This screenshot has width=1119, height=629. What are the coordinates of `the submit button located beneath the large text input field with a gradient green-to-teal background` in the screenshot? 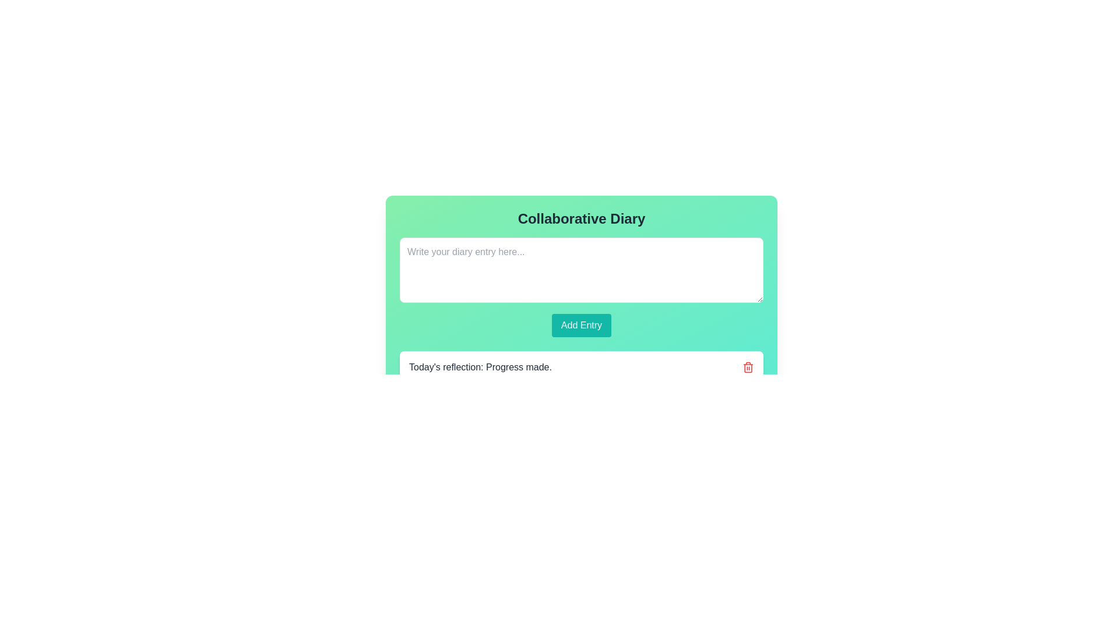 It's located at (582, 326).